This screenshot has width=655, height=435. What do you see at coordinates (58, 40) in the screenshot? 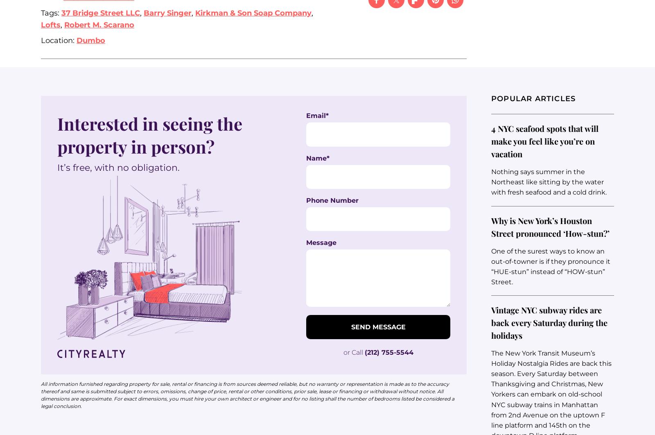
I see `'Location:'` at bounding box center [58, 40].